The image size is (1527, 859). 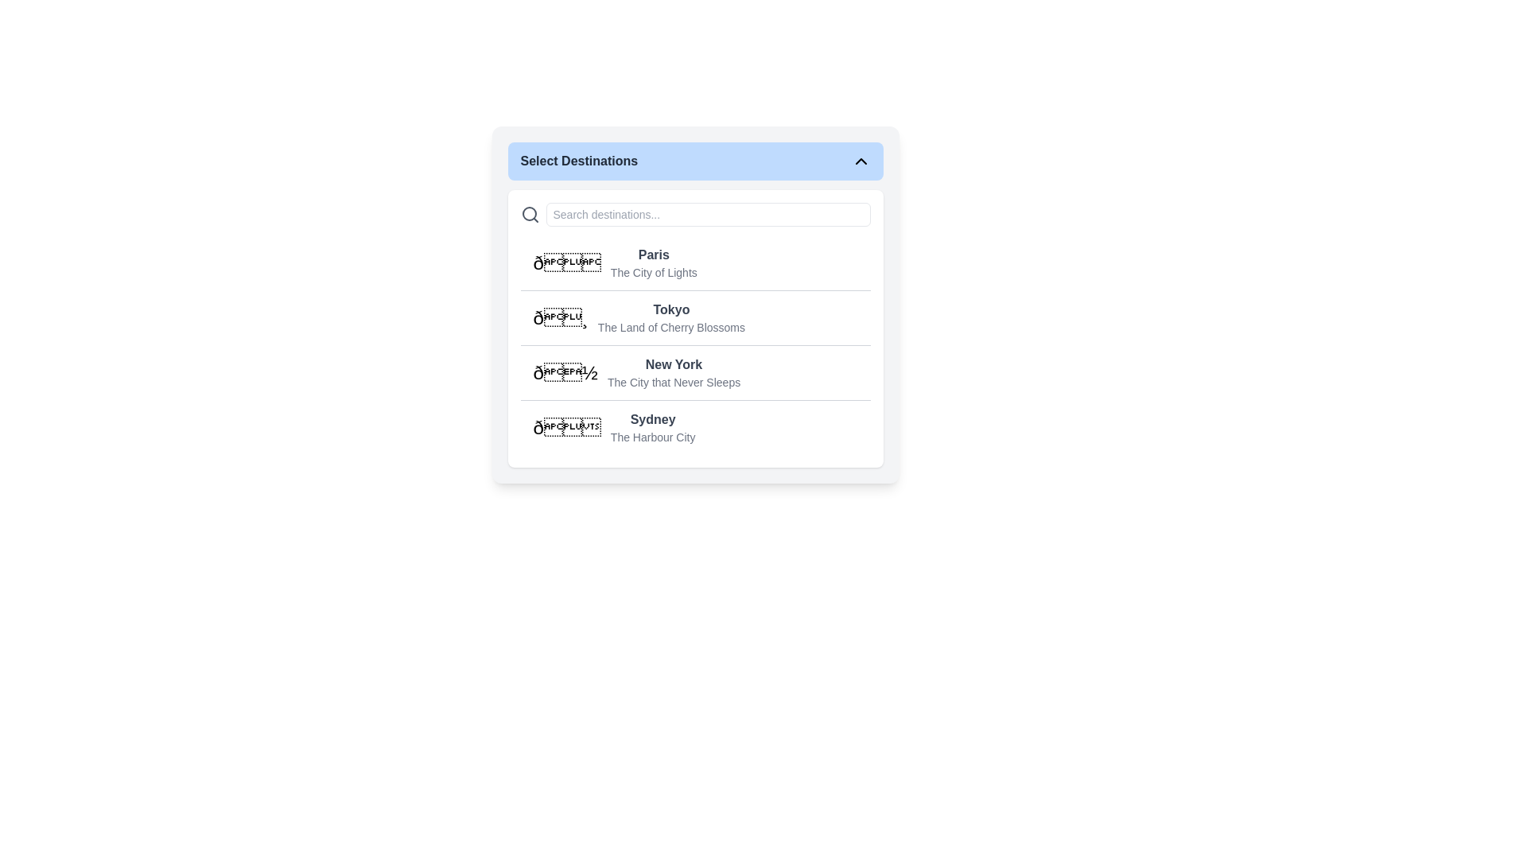 What do you see at coordinates (613, 426) in the screenshot?
I see `the List Item displaying 'Sydney' with a globe icon` at bounding box center [613, 426].